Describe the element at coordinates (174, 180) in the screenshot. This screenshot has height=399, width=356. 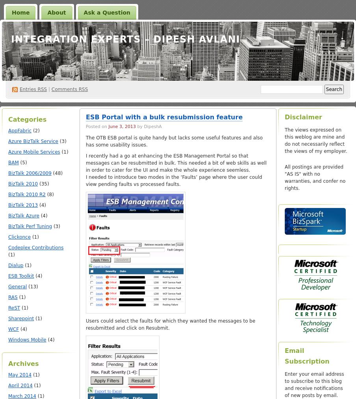
I see `'I needed to introduce two modes in the ‘Faults’ page where the user could view pending faults vs processed faults.'` at that location.